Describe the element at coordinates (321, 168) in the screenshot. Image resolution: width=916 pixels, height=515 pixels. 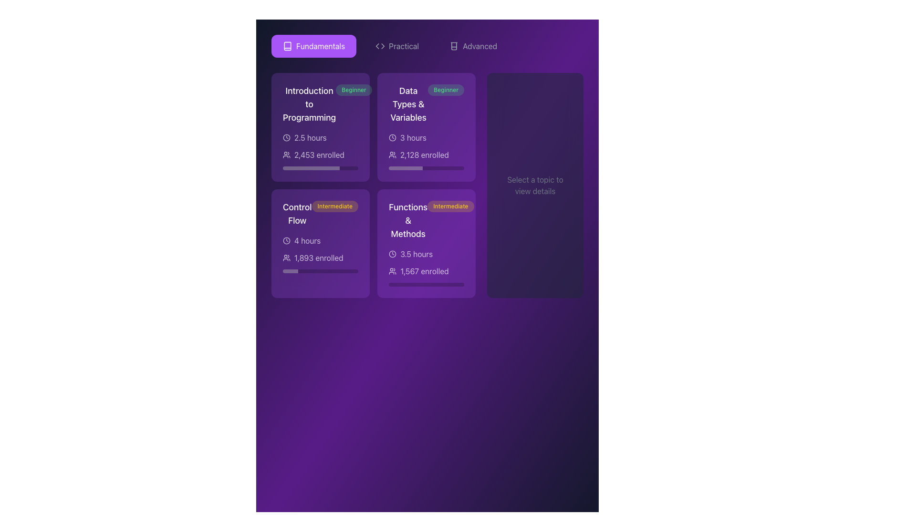
I see `the progress bar indicating the completion level for the 'Introduction to Programming' course, located below the text '2,453 enrolled'` at that location.